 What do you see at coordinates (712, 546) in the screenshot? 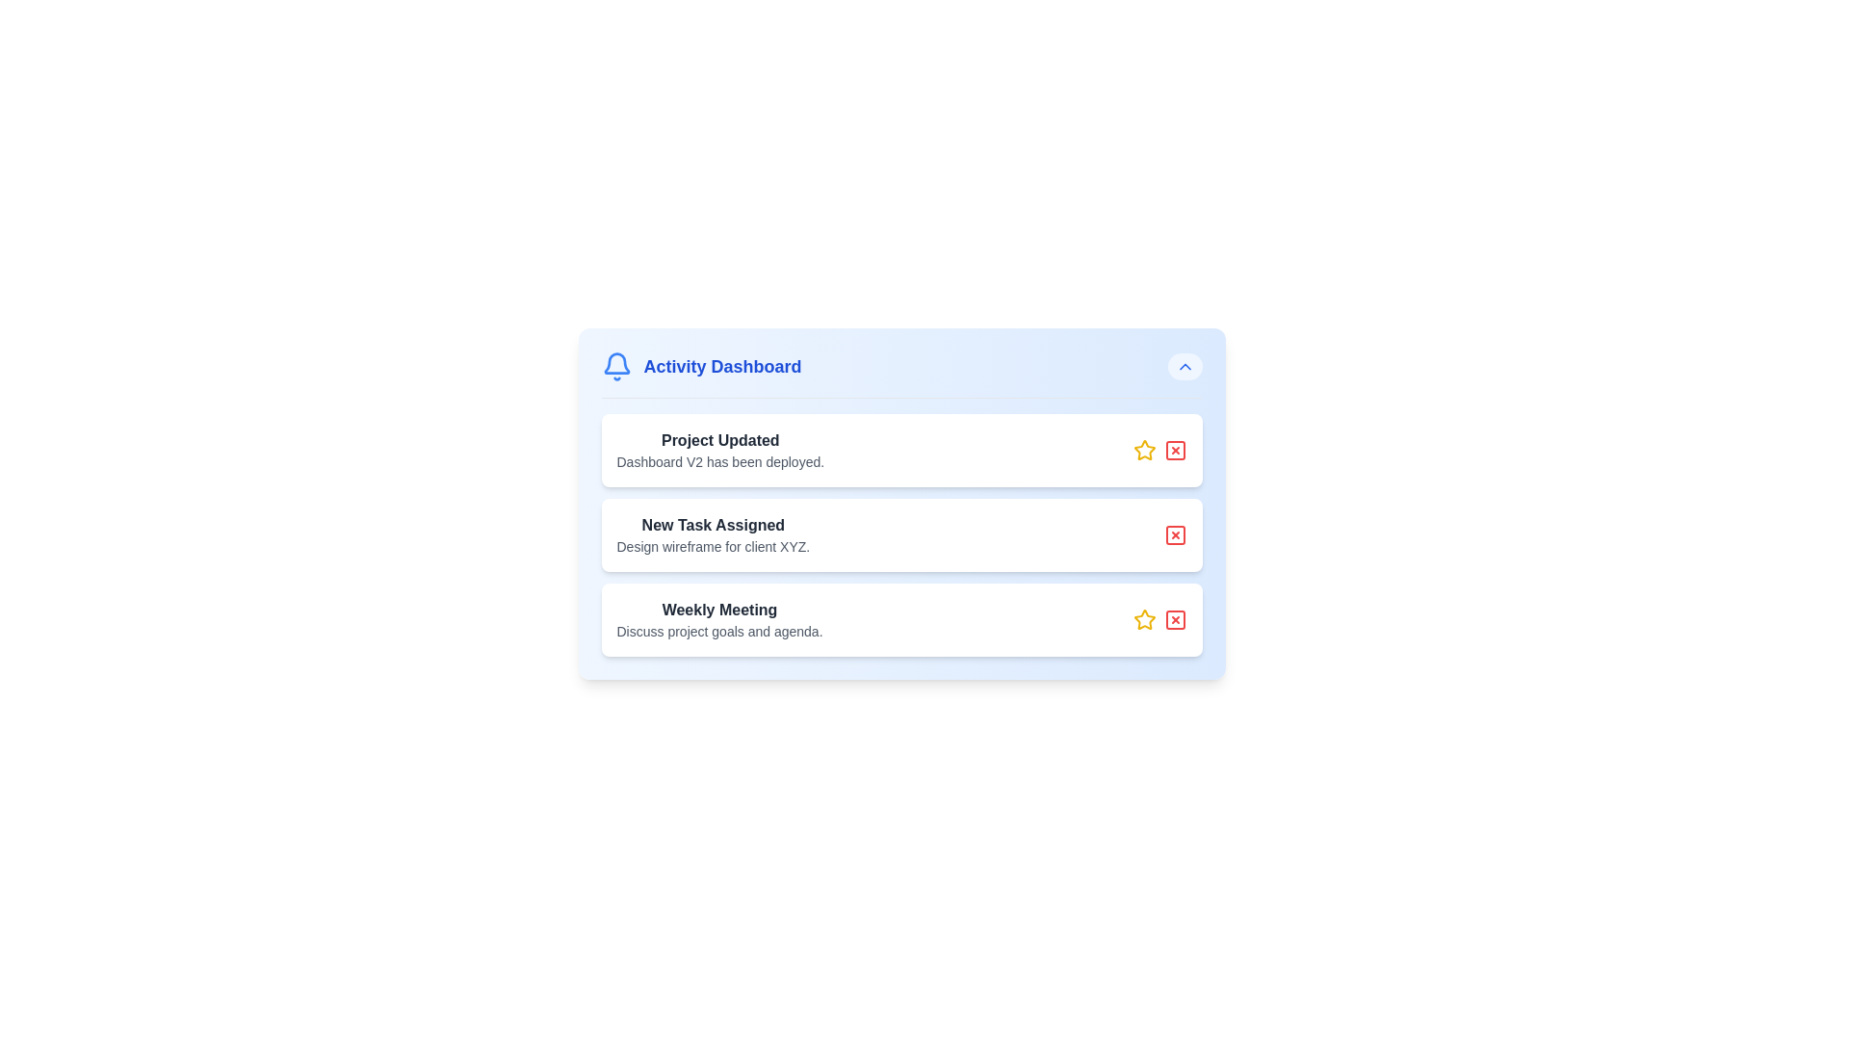
I see `the text label providing additional information for the 'New Task Assigned' notification, located directly beneath the notification in the list` at bounding box center [712, 546].